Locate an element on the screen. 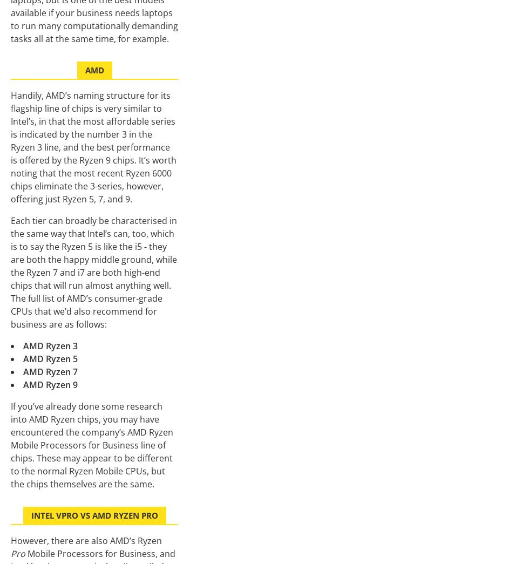 The width and height of the screenshot is (529, 564). 'Intel vPro vs AMD Ryzen Pro' is located at coordinates (94, 515).